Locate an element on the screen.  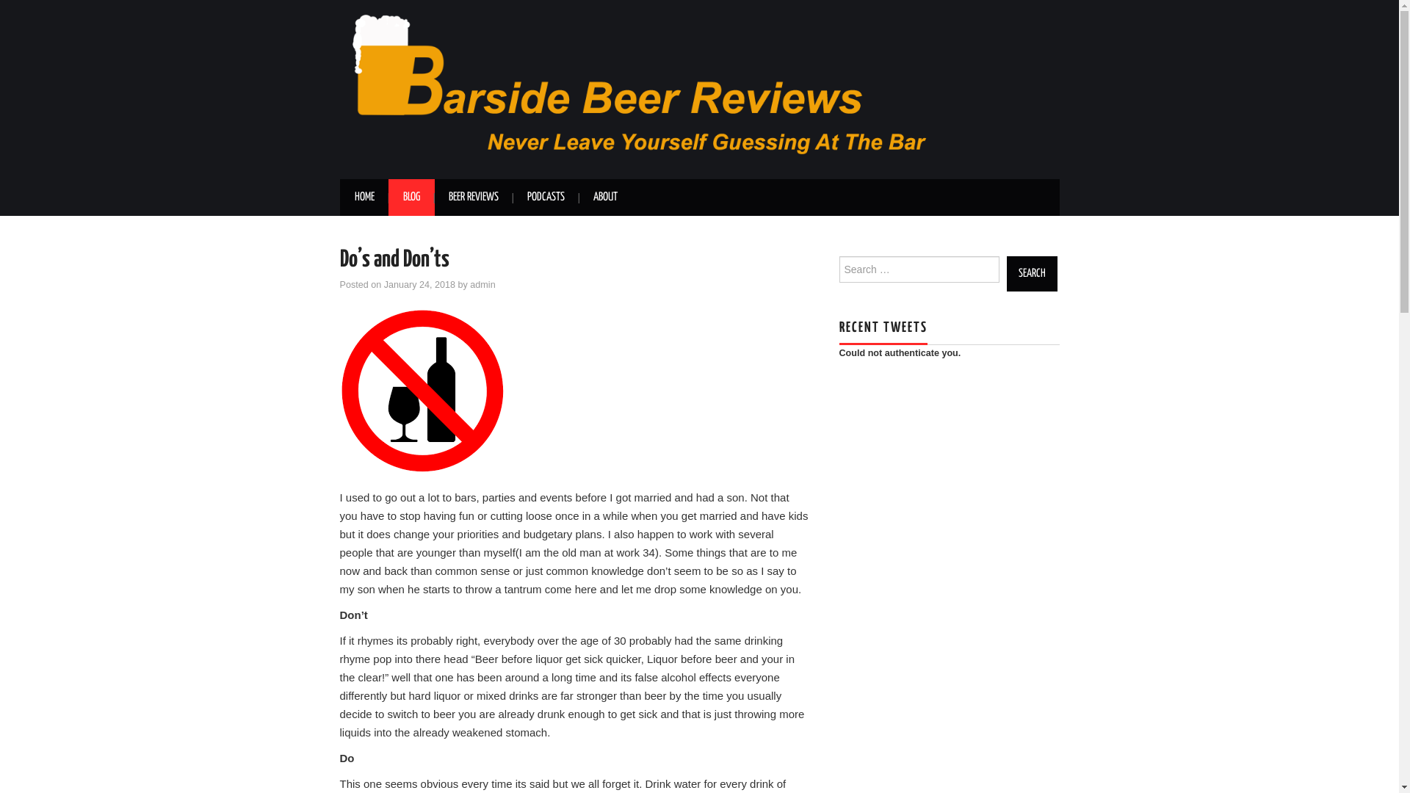
'Search for:' is located at coordinates (918, 269).